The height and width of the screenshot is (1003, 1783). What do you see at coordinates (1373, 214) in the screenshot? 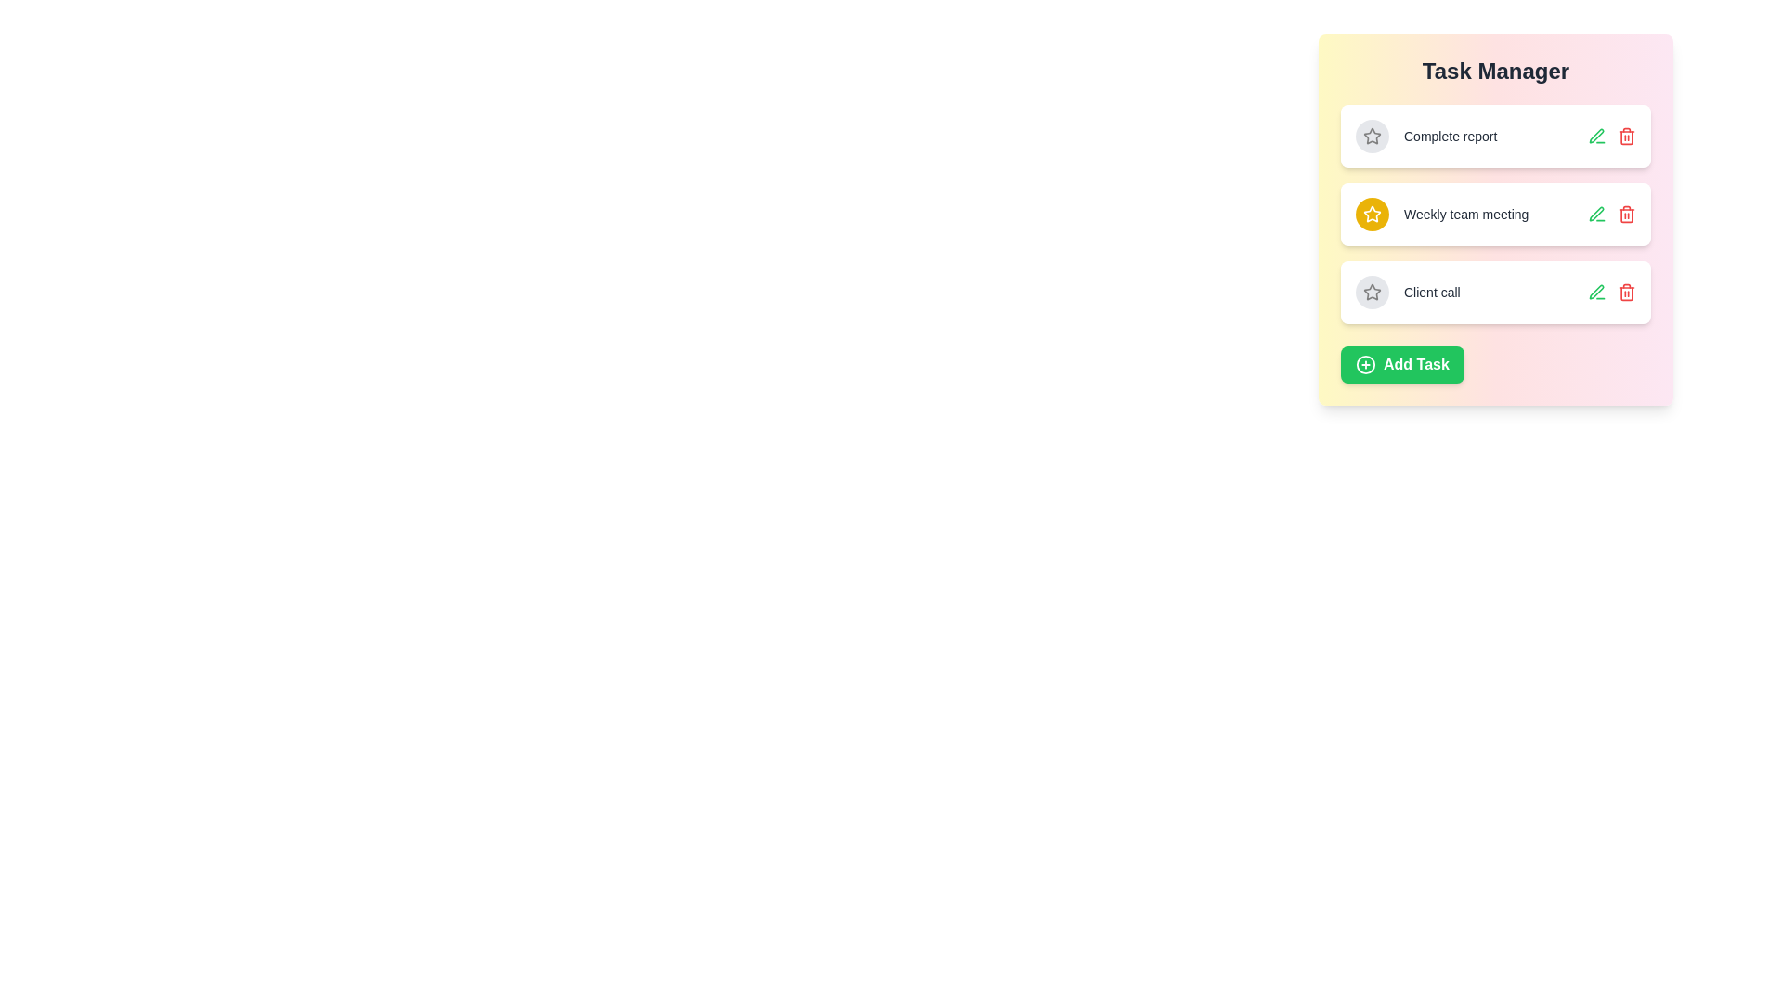
I see `the star icon of the task titled Weekly team meeting to toggle its importance` at bounding box center [1373, 214].